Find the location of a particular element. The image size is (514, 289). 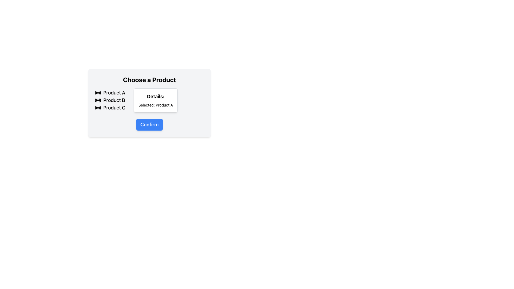

the Information display box that contains the label 'Details:' and the description 'Selected: Product A' is located at coordinates (155, 100).